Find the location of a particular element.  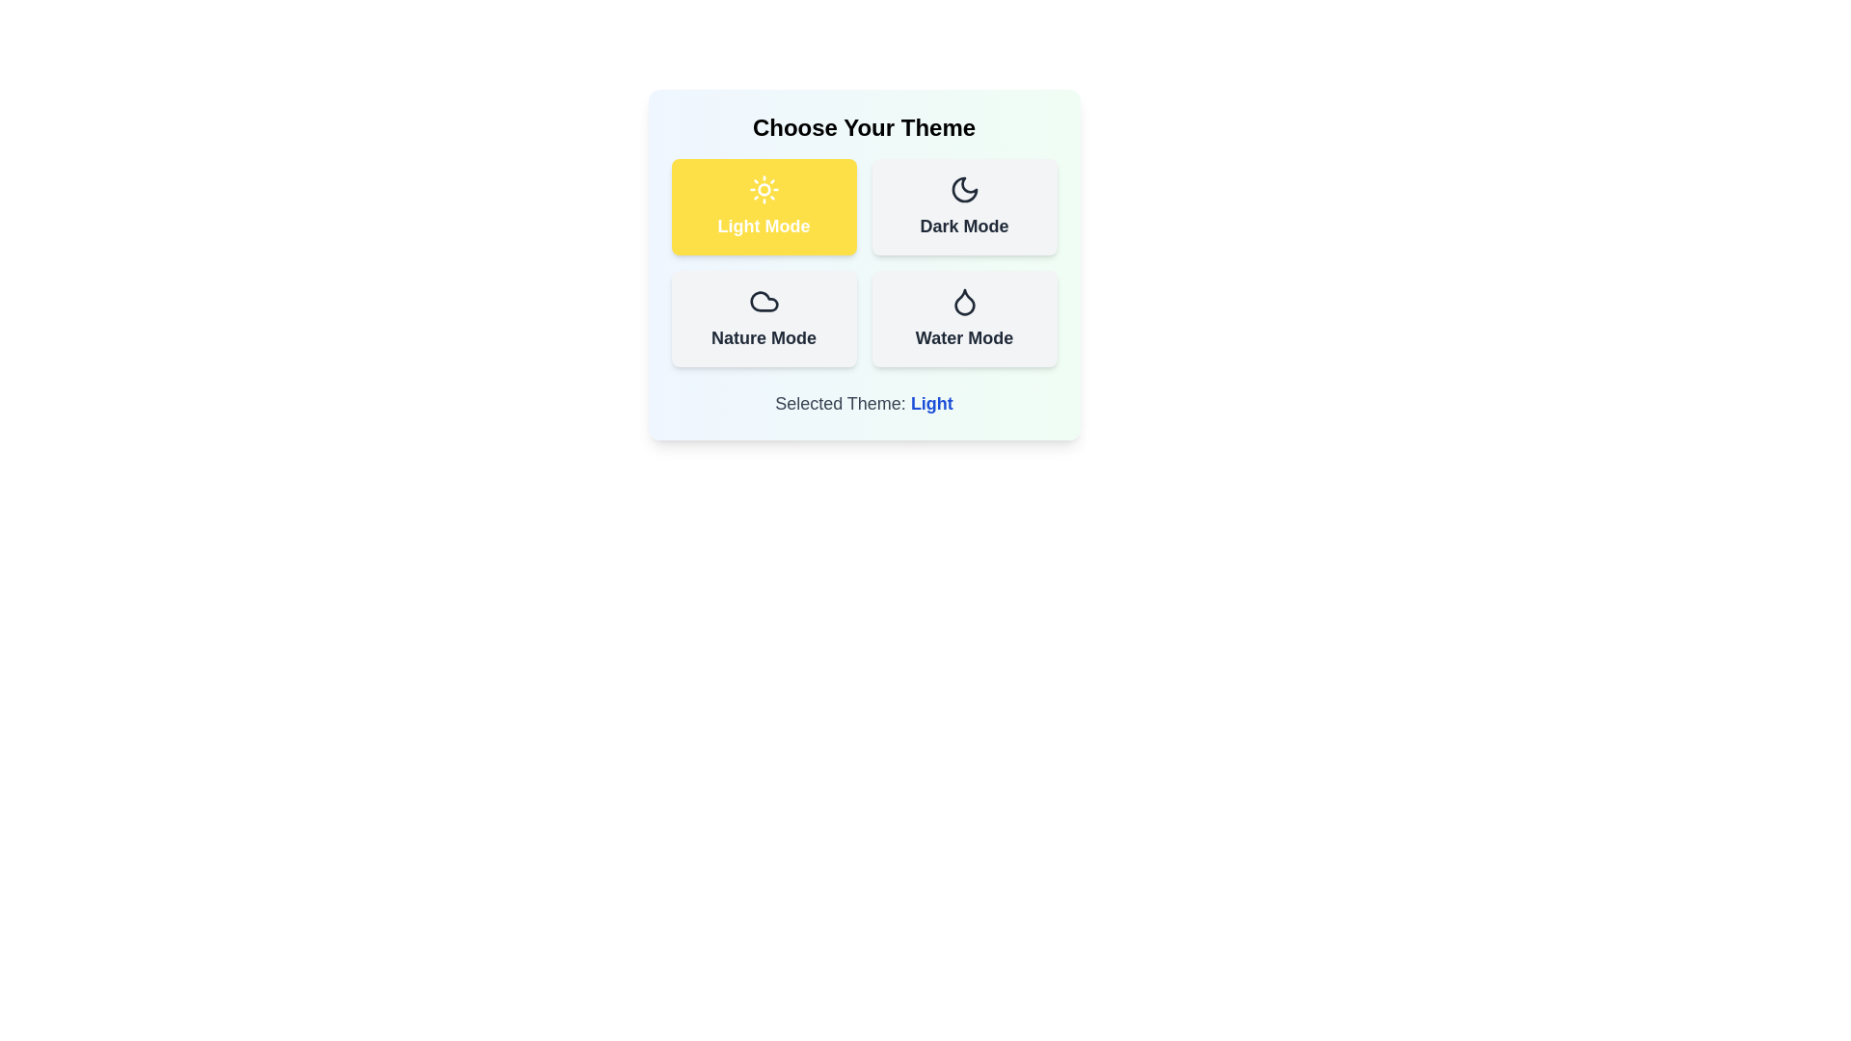

the theme by clicking on the corresponding button. The parameter Light Mode specifies the theme to select is located at coordinates (763, 207).